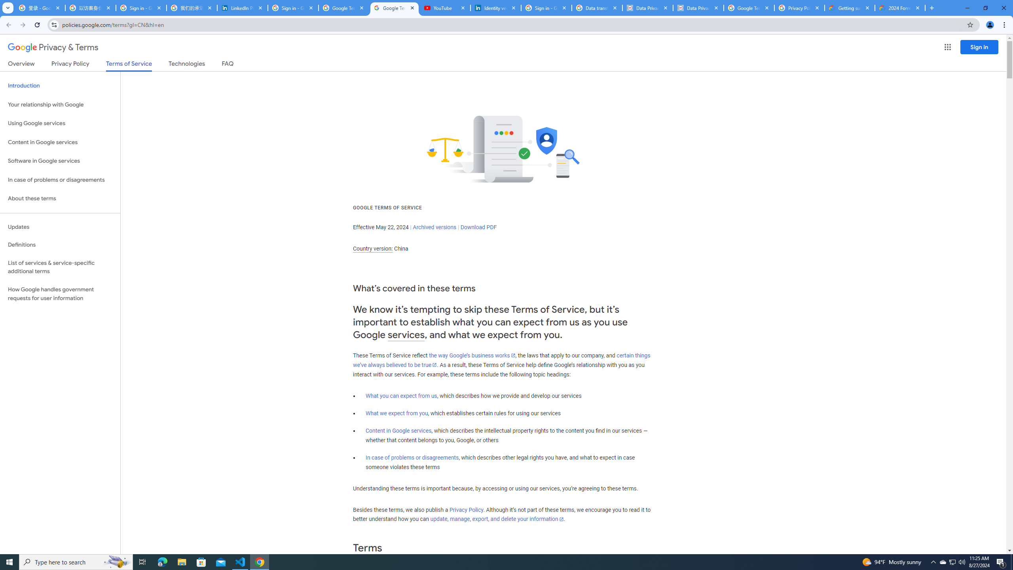 The width and height of the screenshot is (1013, 570). I want to click on 'Search tabs', so click(8, 8).